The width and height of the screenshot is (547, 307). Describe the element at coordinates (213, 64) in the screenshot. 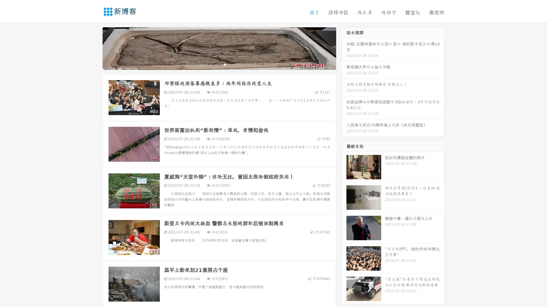

I see `Go to slide 1` at that location.